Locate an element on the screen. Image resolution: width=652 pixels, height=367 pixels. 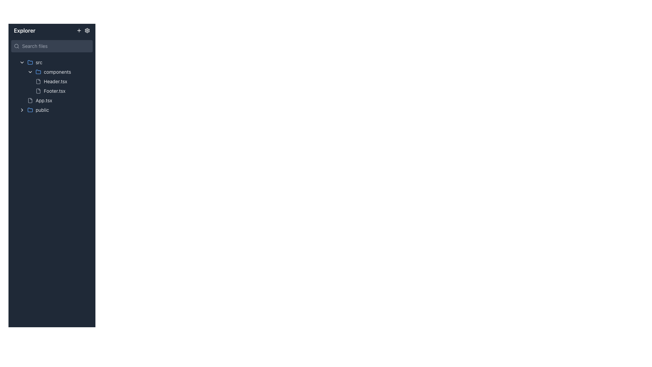
the blue folder icon representing the 'components' sub-folder in the vertical navigation panel is located at coordinates (38, 72).